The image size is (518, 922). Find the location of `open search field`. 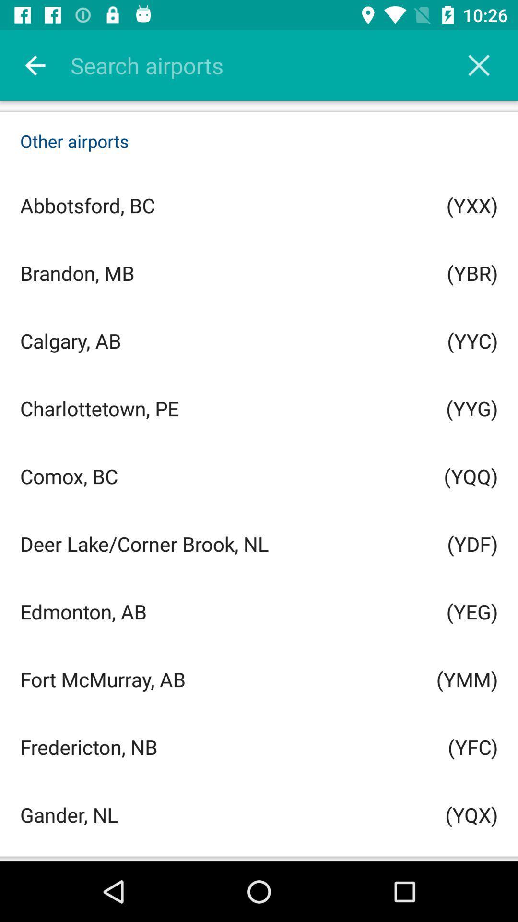

open search field is located at coordinates (271, 65).